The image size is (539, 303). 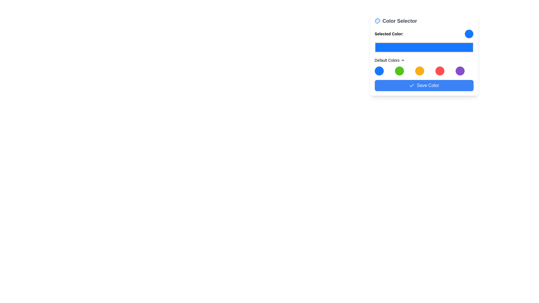 What do you see at coordinates (469, 34) in the screenshot?
I see `the Static color indicator located to the right of the 'Selected Color:' label in the top-right corner of the interface segment` at bounding box center [469, 34].